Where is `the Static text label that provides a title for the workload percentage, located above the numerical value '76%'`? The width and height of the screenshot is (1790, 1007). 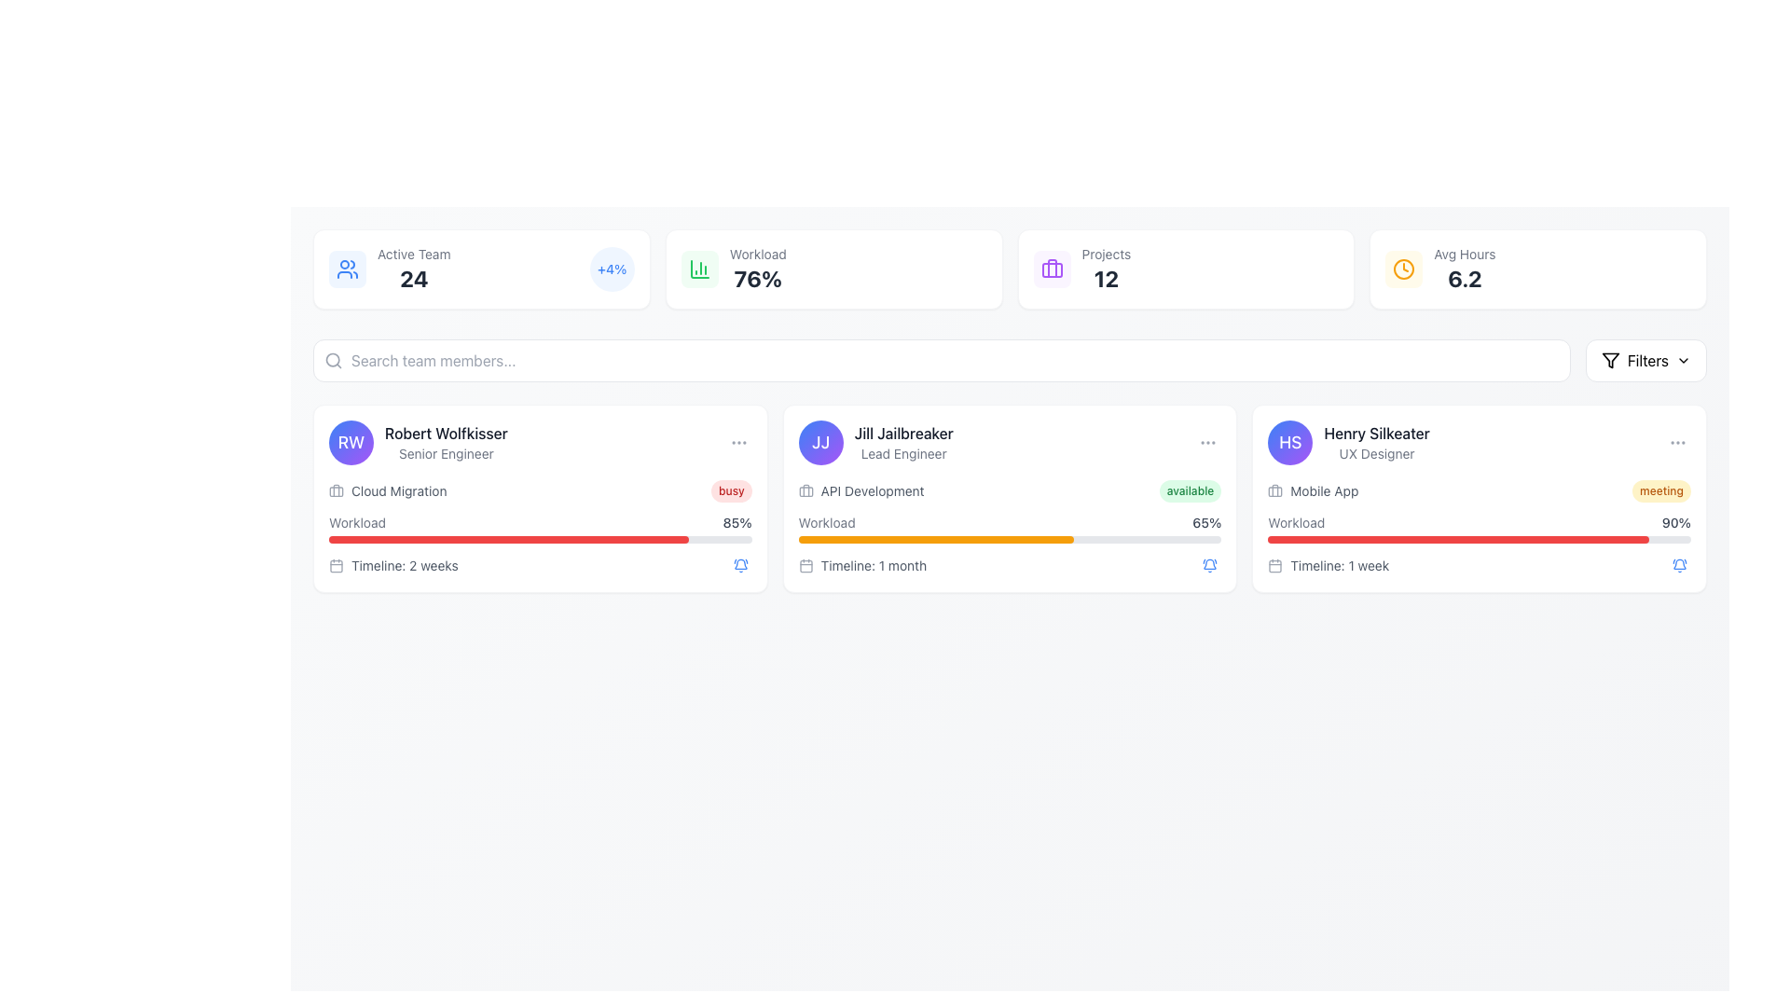
the Static text label that provides a title for the workload percentage, located above the numerical value '76%' is located at coordinates (758, 255).